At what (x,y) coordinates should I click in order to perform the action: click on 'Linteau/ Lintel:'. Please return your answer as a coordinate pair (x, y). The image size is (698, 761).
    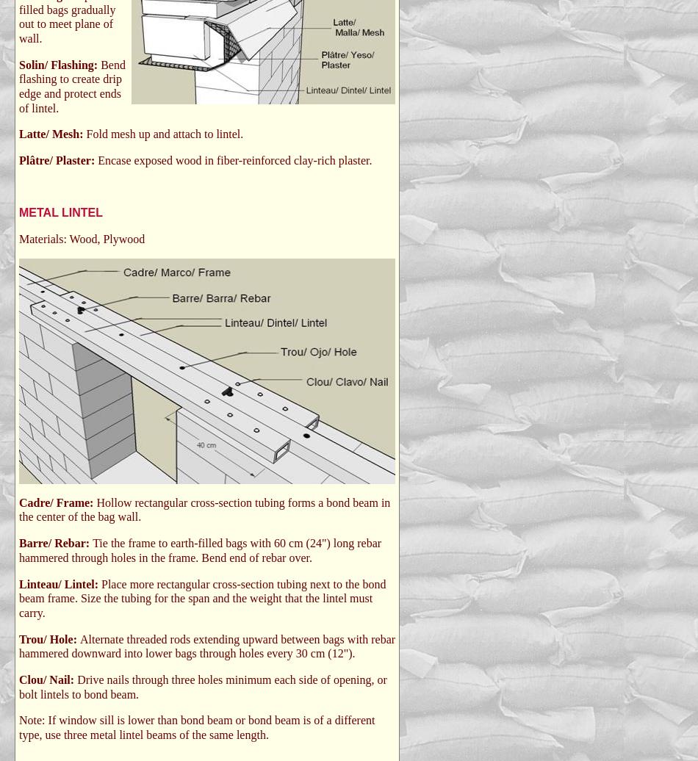
    Looking at the image, I should click on (60, 583).